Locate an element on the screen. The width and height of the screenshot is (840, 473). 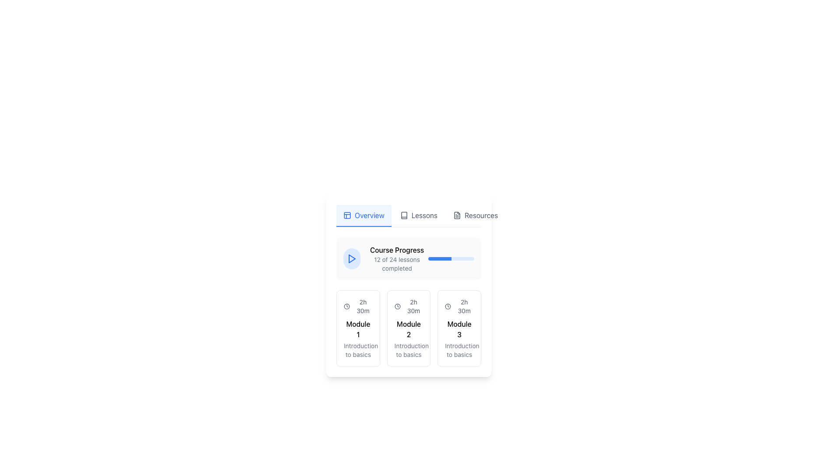
the Text label that serves as a heading for the progress section of a course module, located at the top of the progress card, which indicates user progress in the course is located at coordinates (396, 250).